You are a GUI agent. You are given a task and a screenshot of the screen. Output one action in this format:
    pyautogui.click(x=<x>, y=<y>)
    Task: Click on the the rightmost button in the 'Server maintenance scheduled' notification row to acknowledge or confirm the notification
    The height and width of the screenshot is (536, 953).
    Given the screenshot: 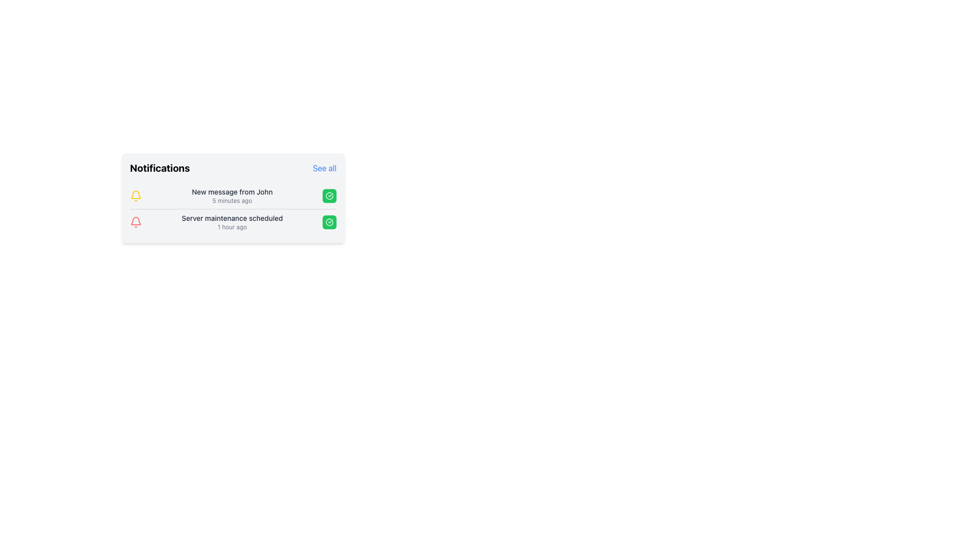 What is the action you would take?
    pyautogui.click(x=329, y=221)
    